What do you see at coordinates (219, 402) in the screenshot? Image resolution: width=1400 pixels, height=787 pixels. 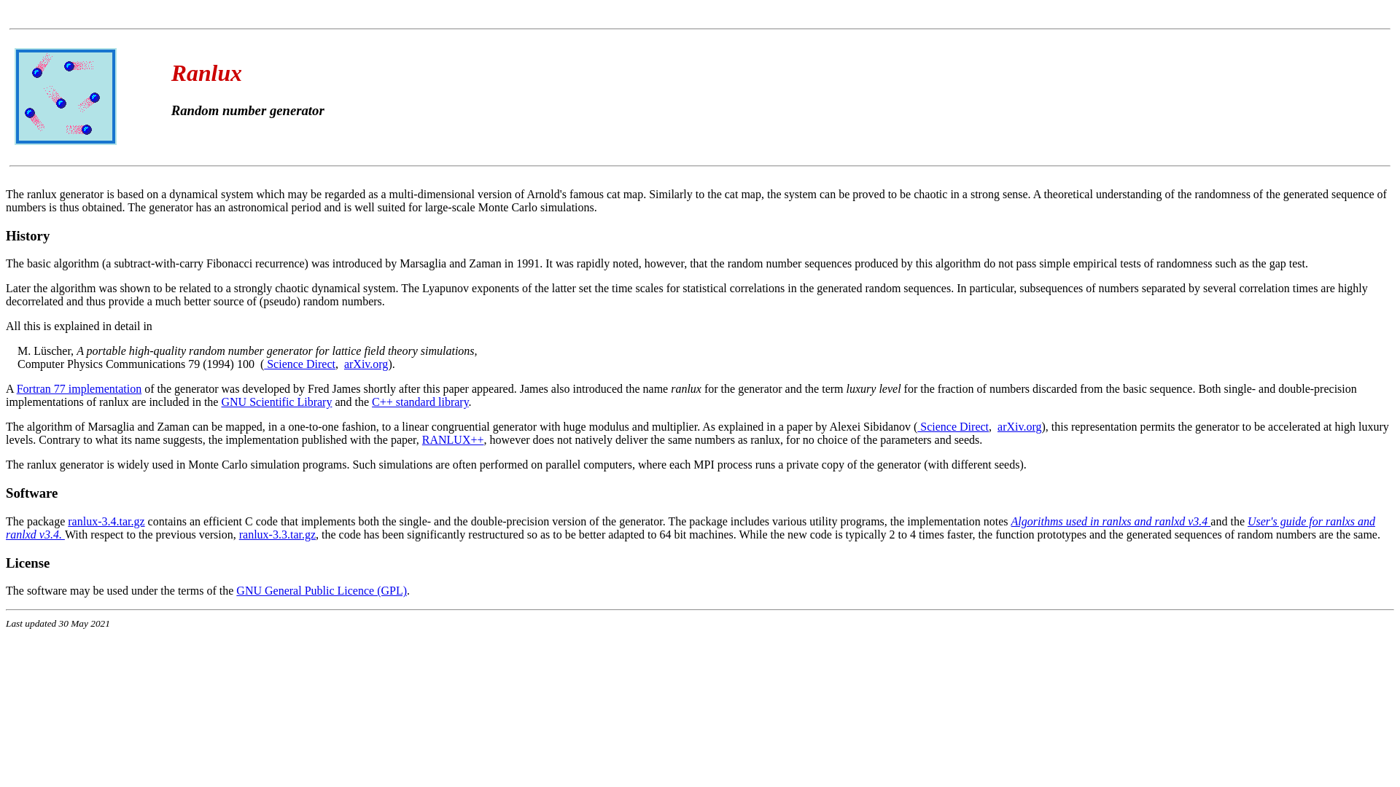 I see `'GNU Scientific Library'` at bounding box center [219, 402].